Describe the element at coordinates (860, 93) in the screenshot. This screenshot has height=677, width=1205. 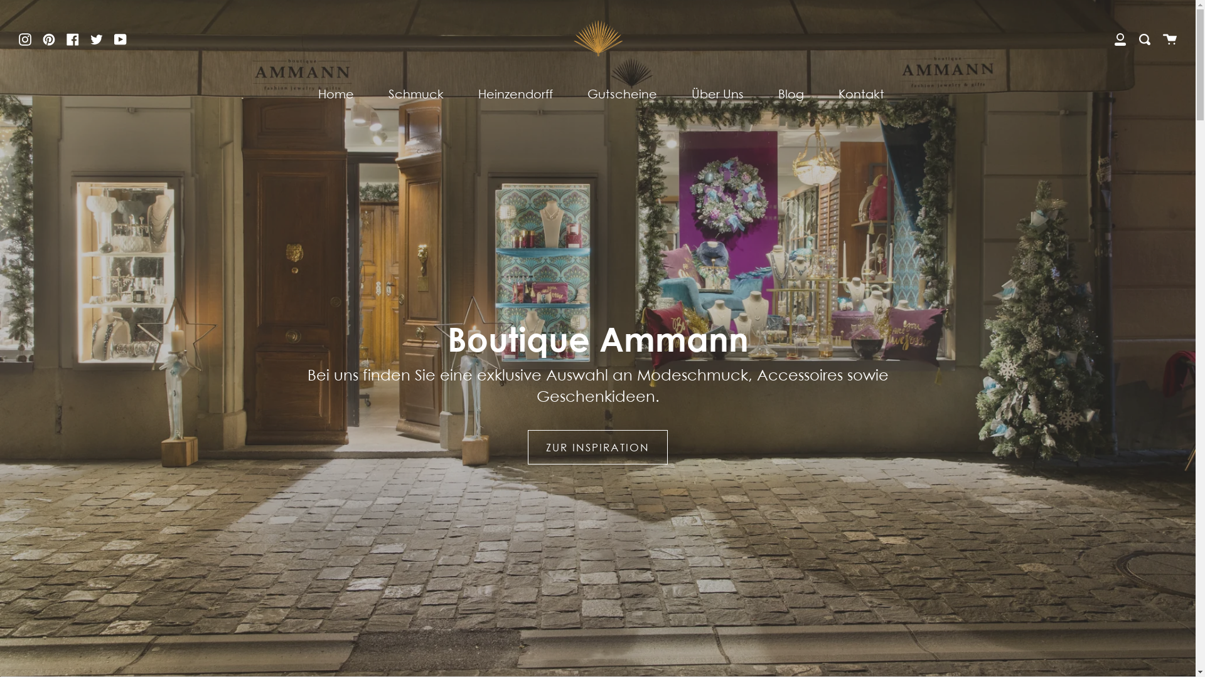
I see `'Kontakt'` at that location.